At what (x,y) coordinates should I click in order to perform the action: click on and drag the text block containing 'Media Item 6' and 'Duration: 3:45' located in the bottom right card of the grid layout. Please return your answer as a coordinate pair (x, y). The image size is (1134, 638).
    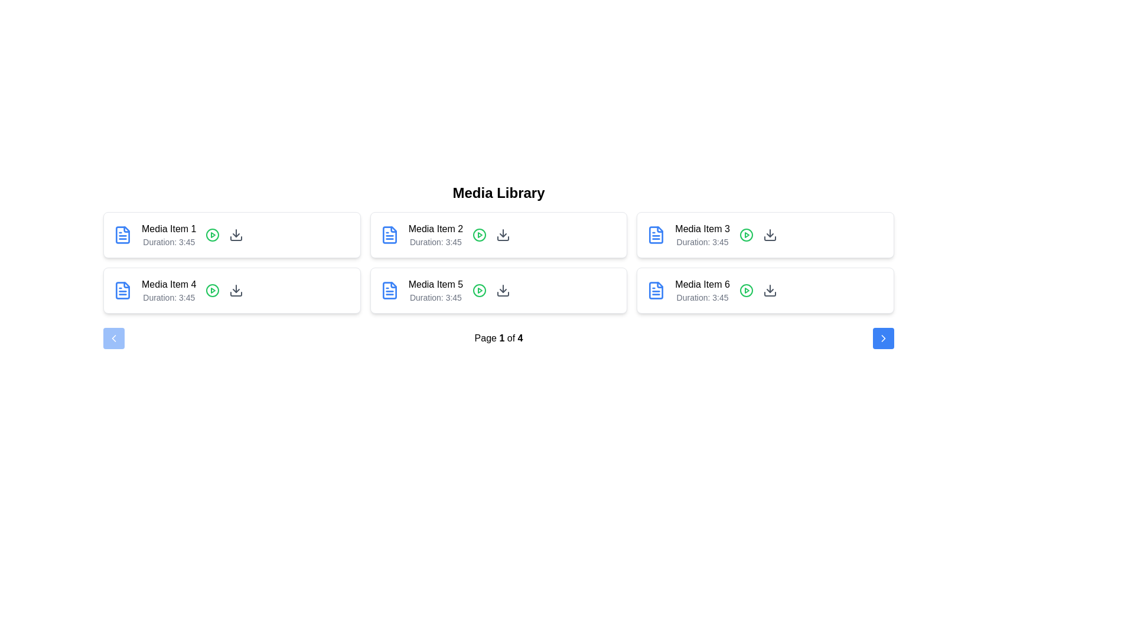
    Looking at the image, I should click on (702, 291).